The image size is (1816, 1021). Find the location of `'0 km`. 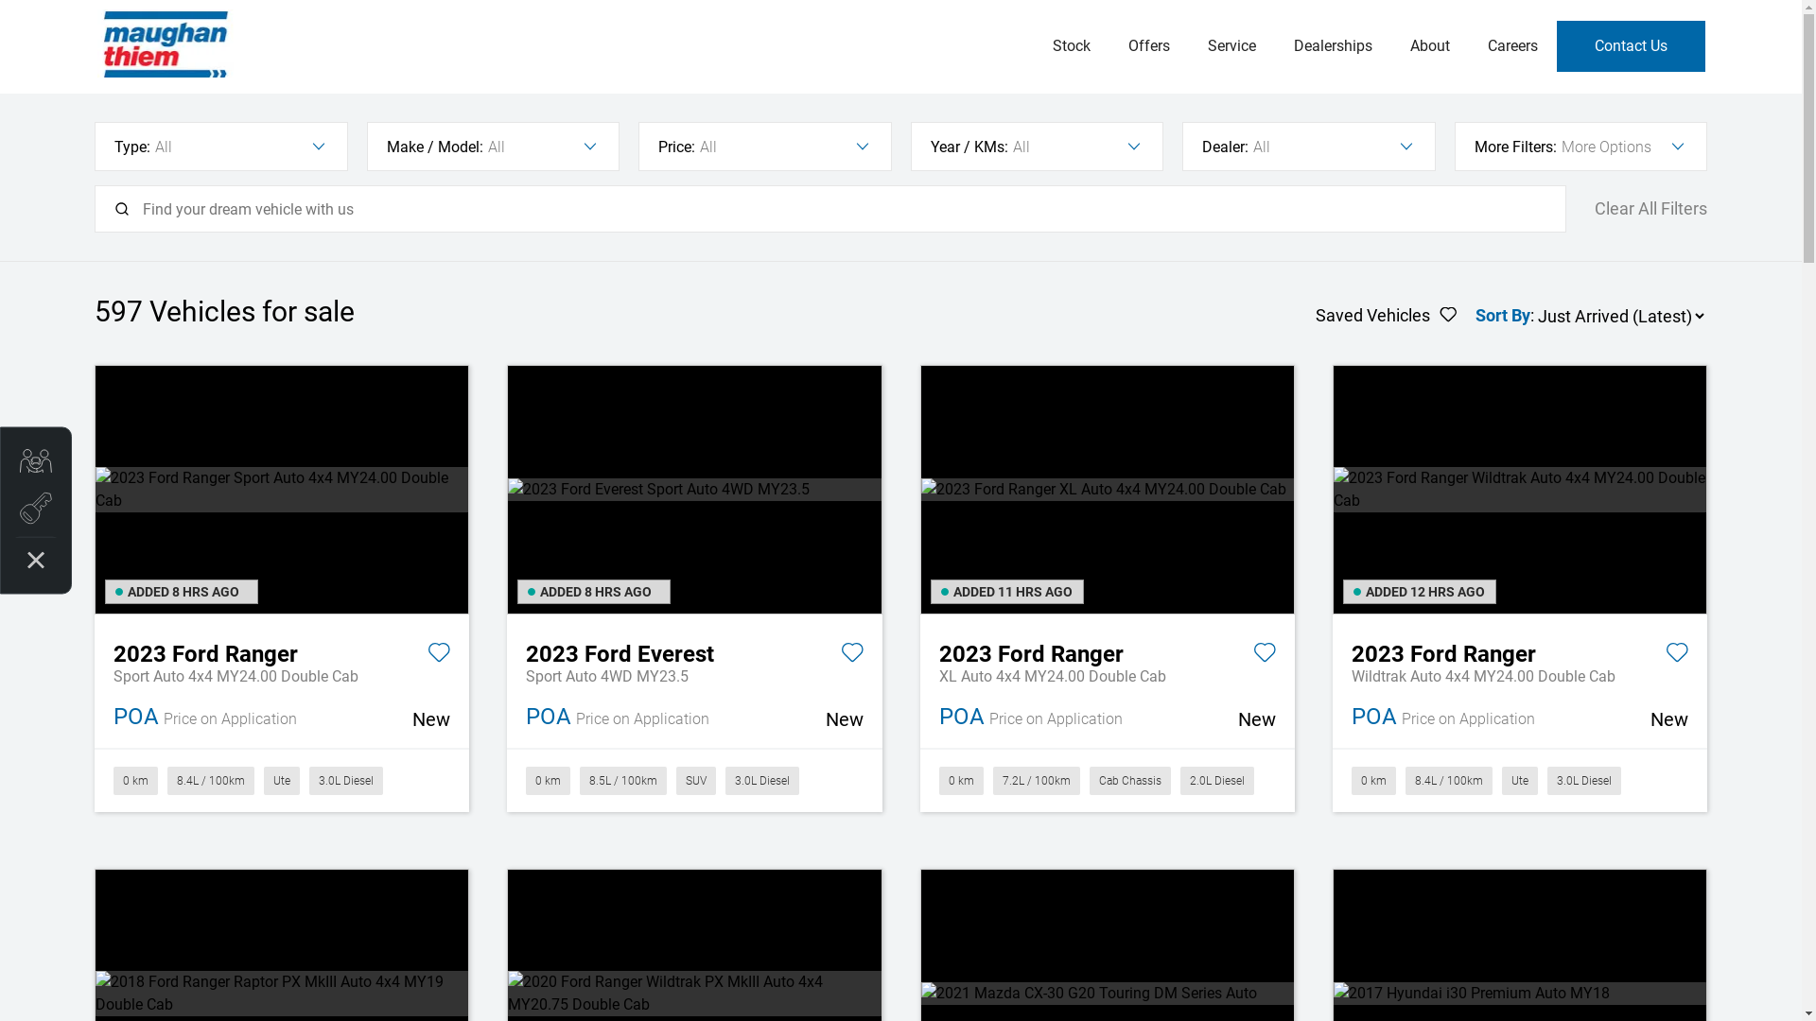

'0 km is located at coordinates (1107, 780).